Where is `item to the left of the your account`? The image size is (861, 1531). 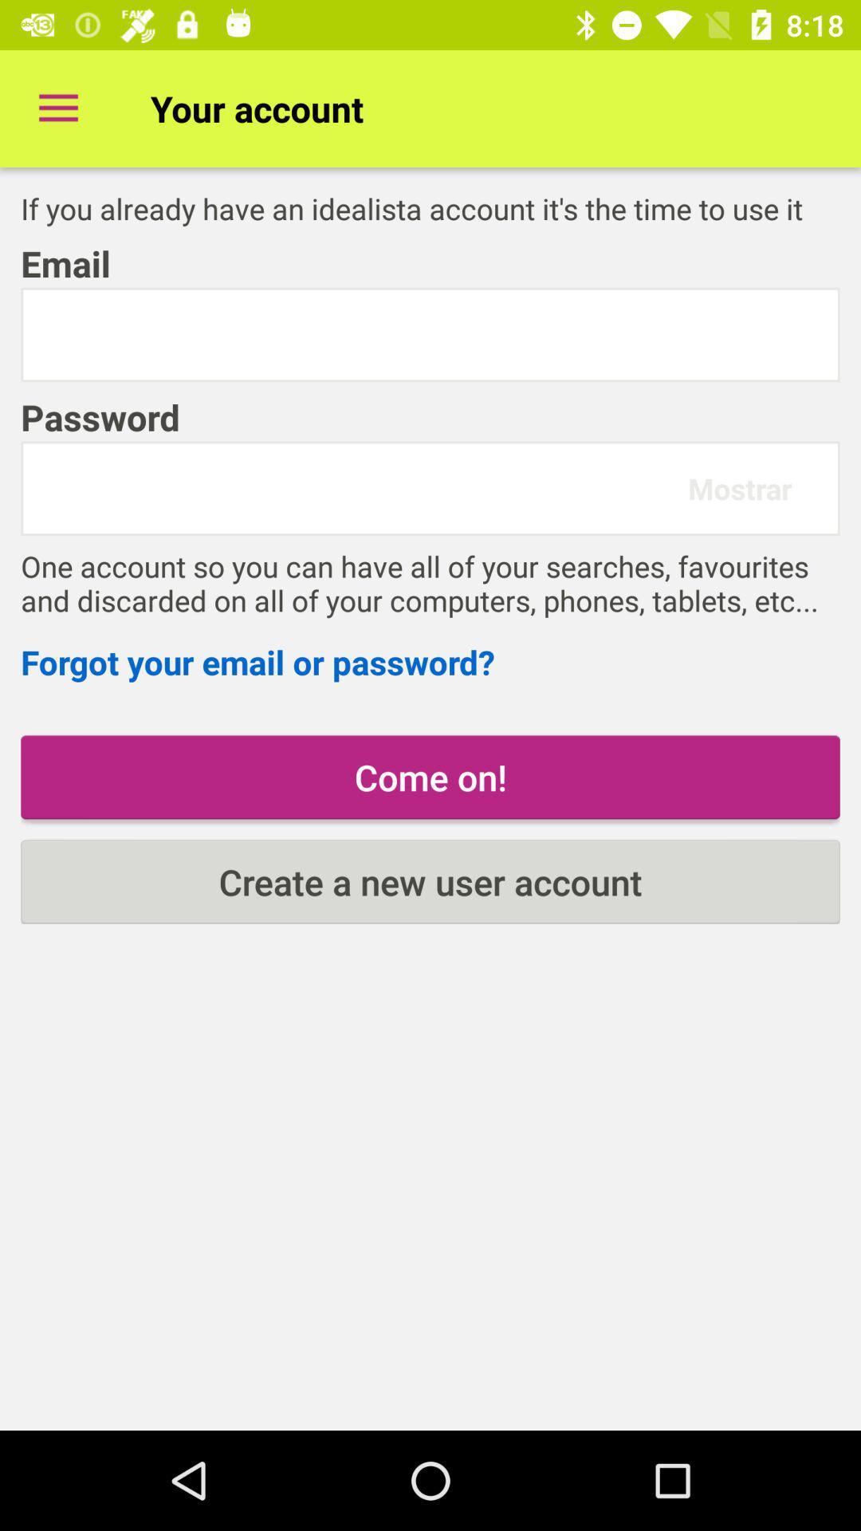 item to the left of the your account is located at coordinates (57, 108).